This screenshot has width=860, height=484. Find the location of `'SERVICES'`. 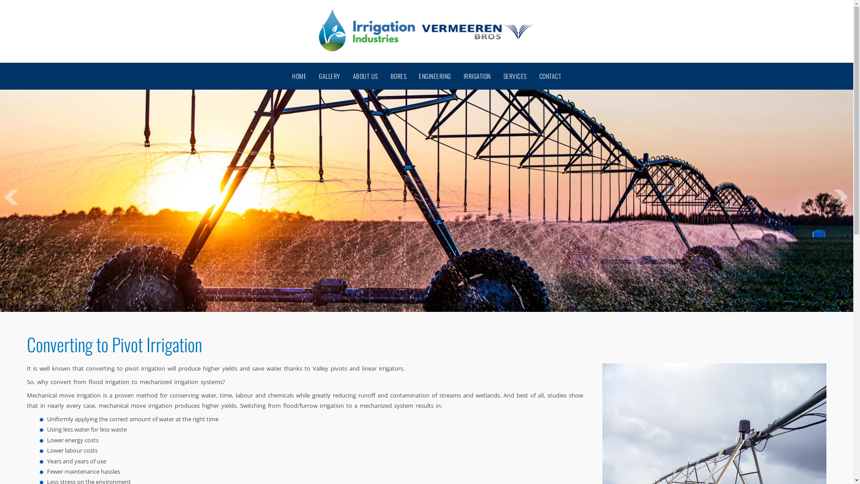

'SERVICES' is located at coordinates (515, 75).